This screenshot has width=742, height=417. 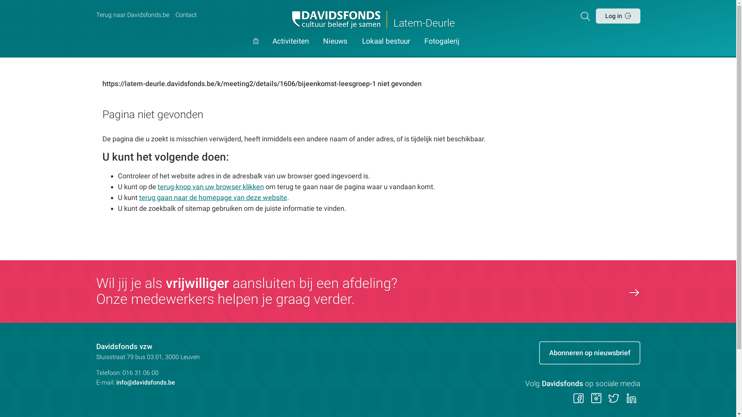 What do you see at coordinates (631, 399) in the screenshot?
I see `'Volg ons op LinkedIn'` at bounding box center [631, 399].